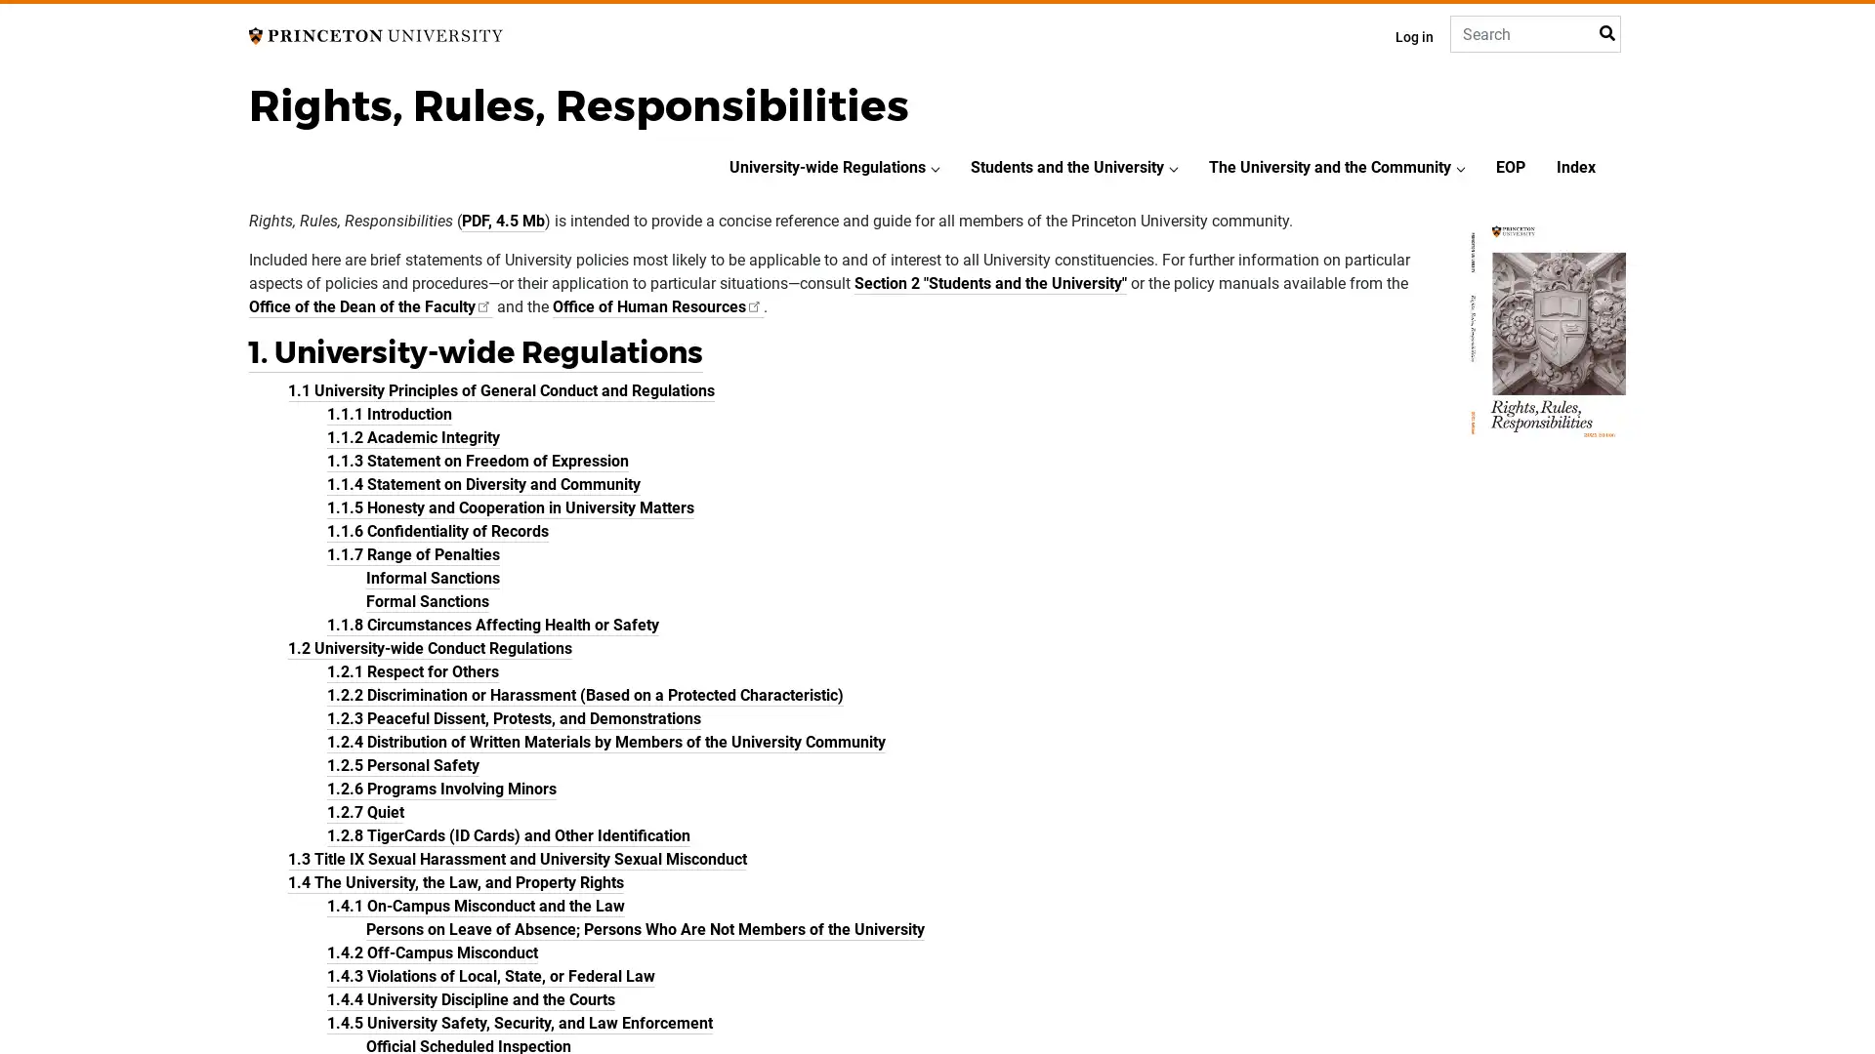 This screenshot has width=1875, height=1054. I want to click on University-wide RegulationsSubmenu, so click(935, 168).